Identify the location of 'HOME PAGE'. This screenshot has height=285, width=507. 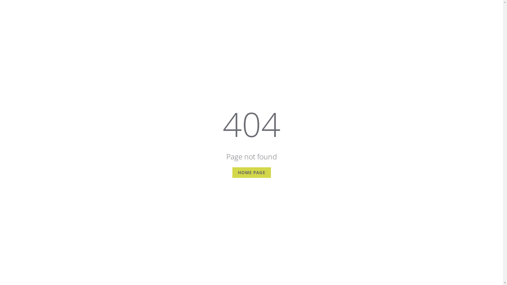
(251, 173).